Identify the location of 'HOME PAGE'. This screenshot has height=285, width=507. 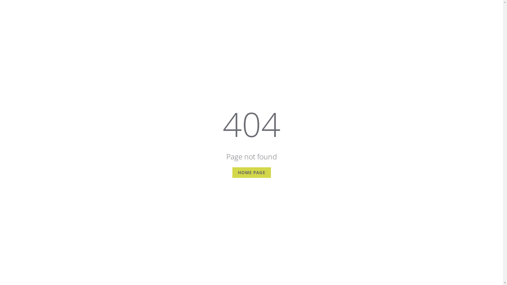
(251, 173).